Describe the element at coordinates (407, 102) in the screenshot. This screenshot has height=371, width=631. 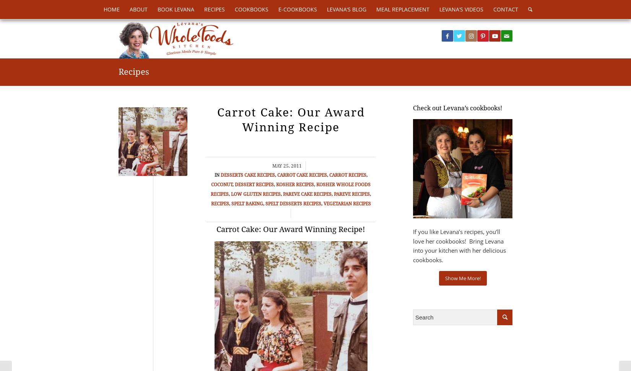
I see `'Restaurant Reviews'` at that location.